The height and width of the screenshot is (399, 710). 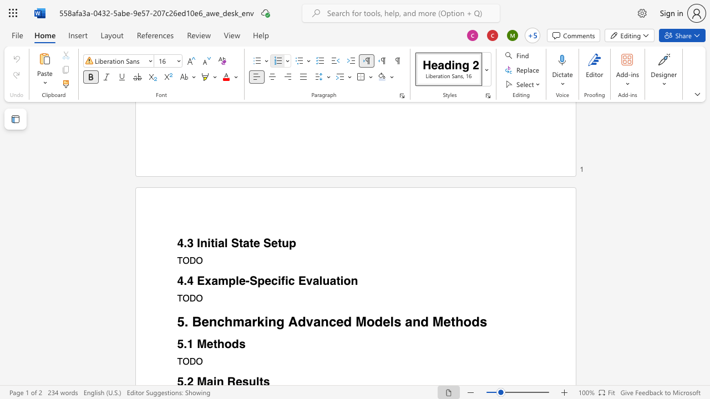 I want to click on the 1th character "5" in the text, so click(x=180, y=344).